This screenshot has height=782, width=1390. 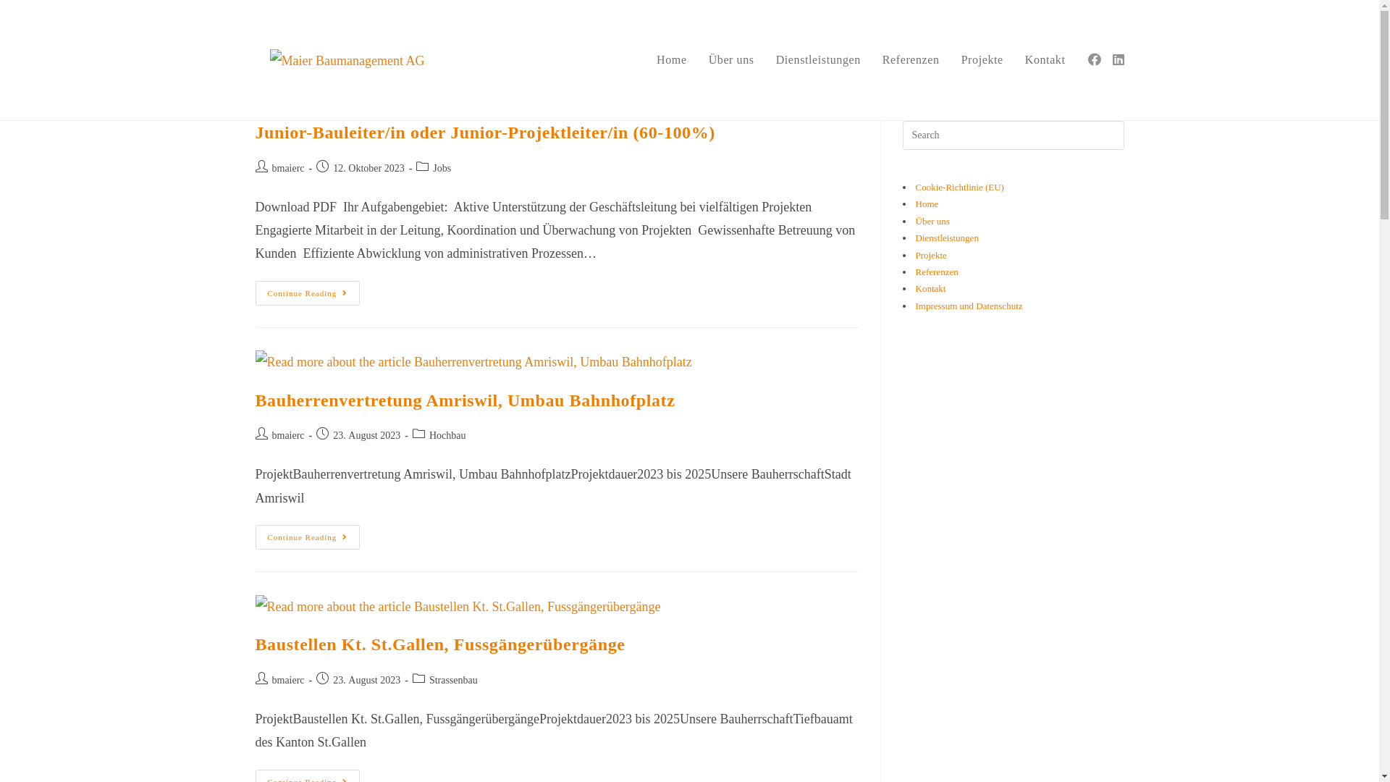 I want to click on 'Bauherrenvertretung Amriswil, Umbau Bahnhofplatz', so click(x=465, y=400).